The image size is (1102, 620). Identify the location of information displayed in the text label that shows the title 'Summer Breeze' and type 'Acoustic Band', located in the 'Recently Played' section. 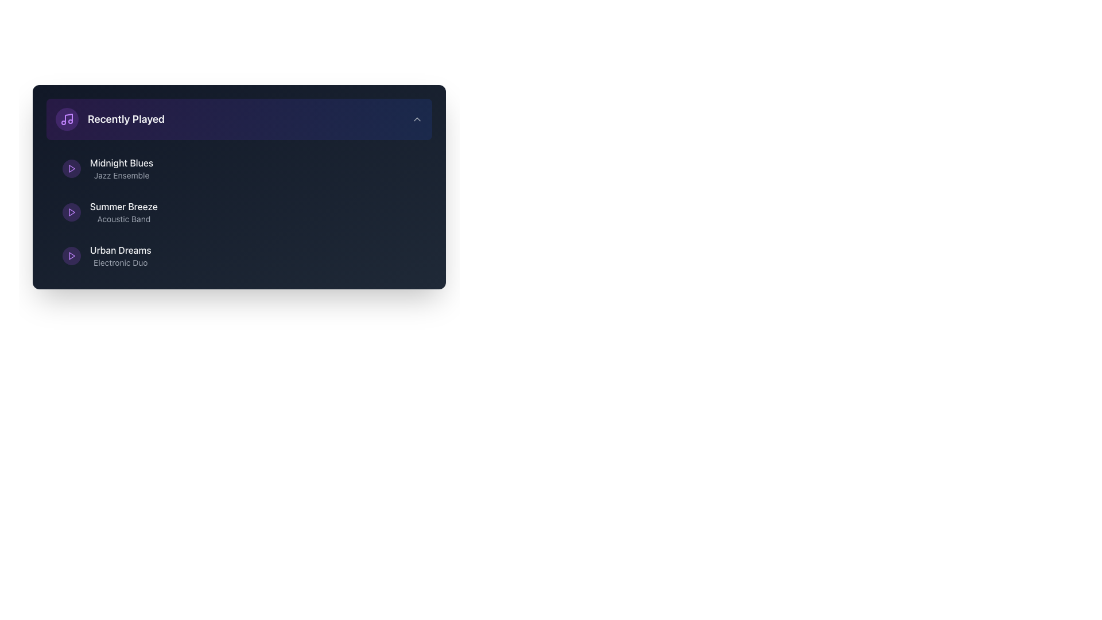
(123, 212).